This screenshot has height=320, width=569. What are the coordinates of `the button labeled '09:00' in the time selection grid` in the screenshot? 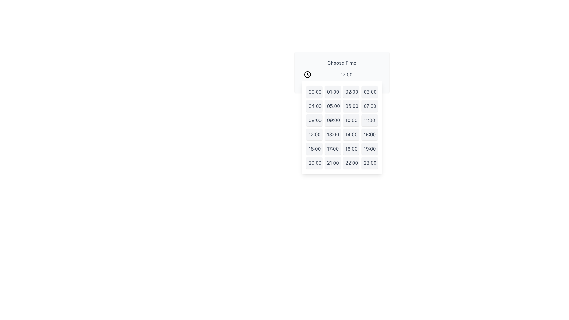 It's located at (333, 120).